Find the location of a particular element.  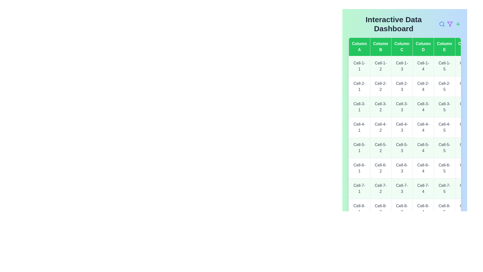

the search icon to initiate the search functionality is located at coordinates (441, 24).